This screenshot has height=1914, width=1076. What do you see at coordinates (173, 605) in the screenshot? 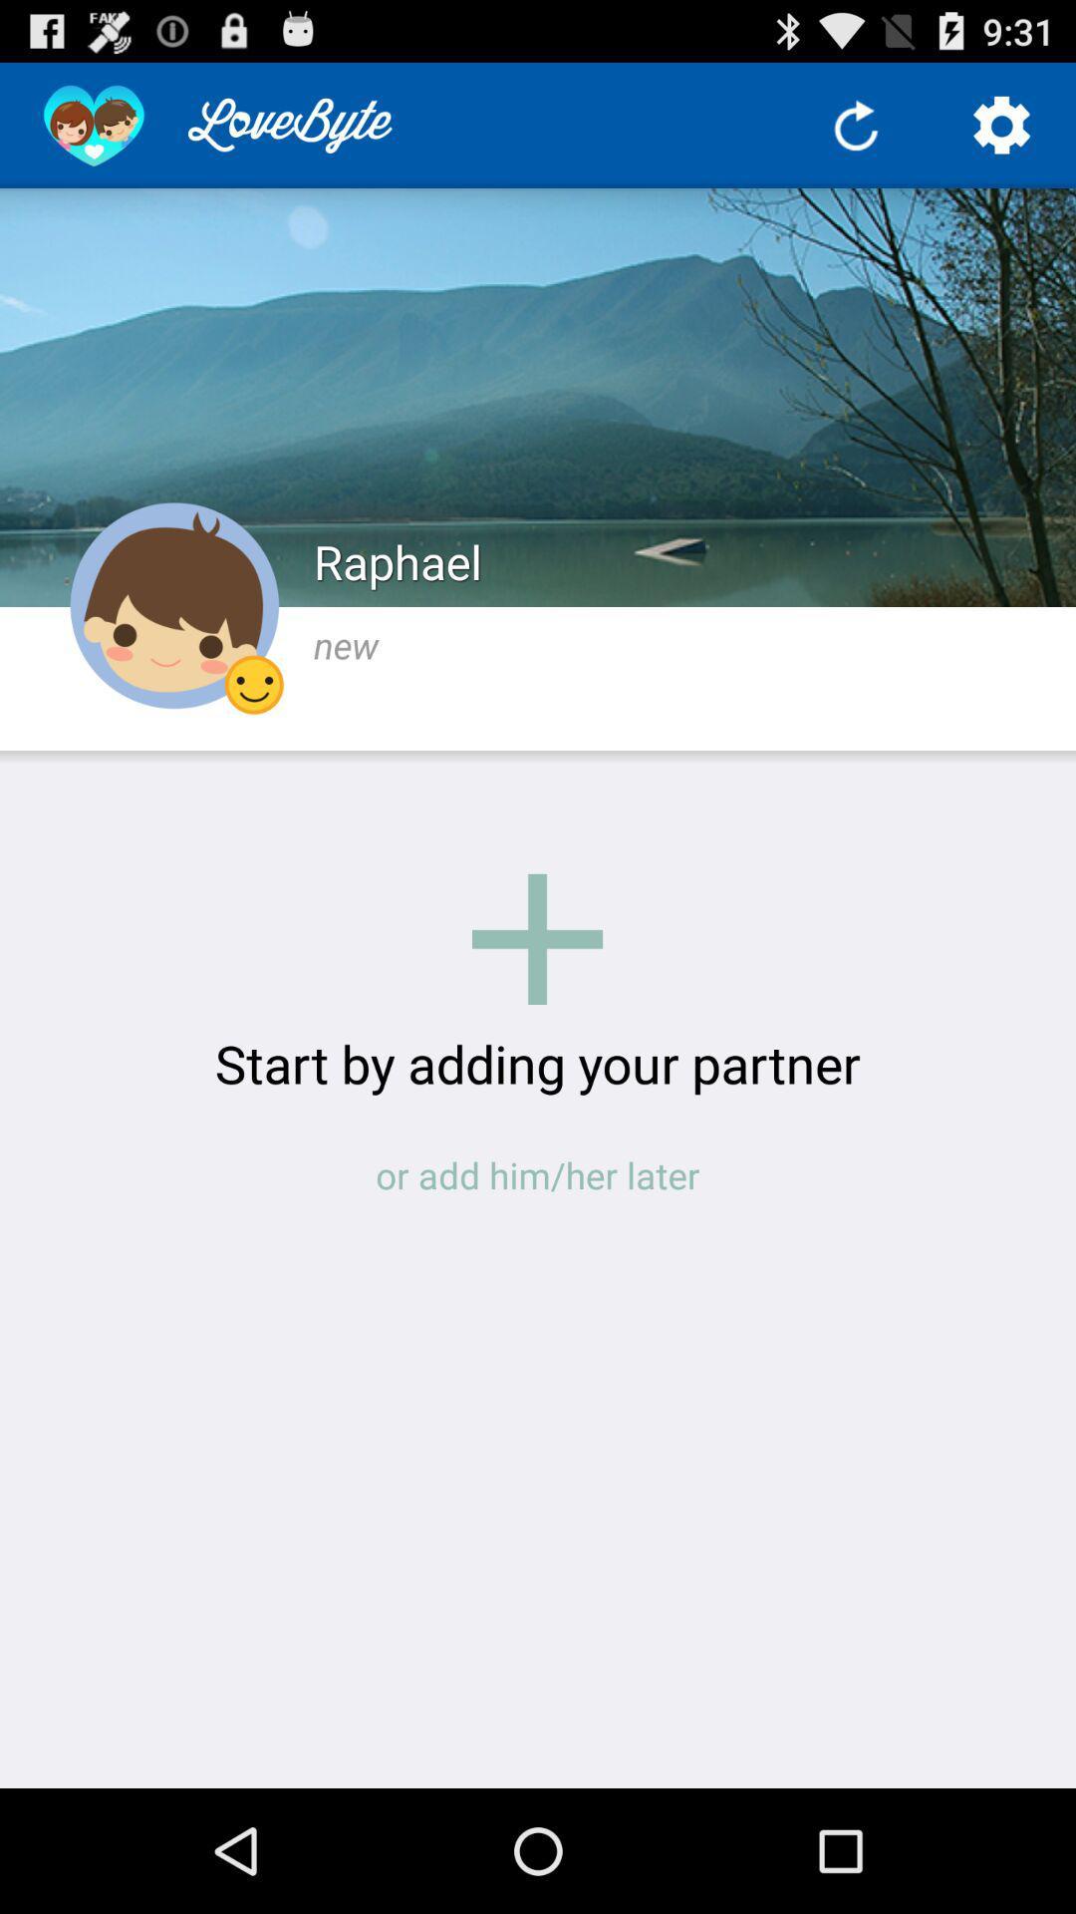
I see `profile option` at bounding box center [173, 605].